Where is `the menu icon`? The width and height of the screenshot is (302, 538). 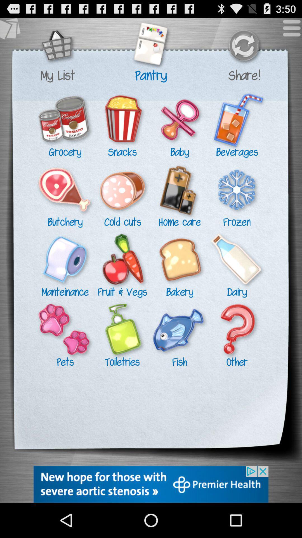 the menu icon is located at coordinates (289, 33).